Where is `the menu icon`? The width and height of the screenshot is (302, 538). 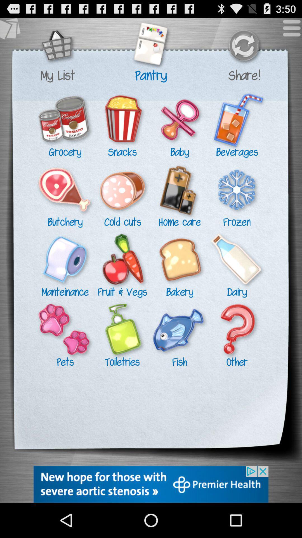 the menu icon is located at coordinates (289, 33).